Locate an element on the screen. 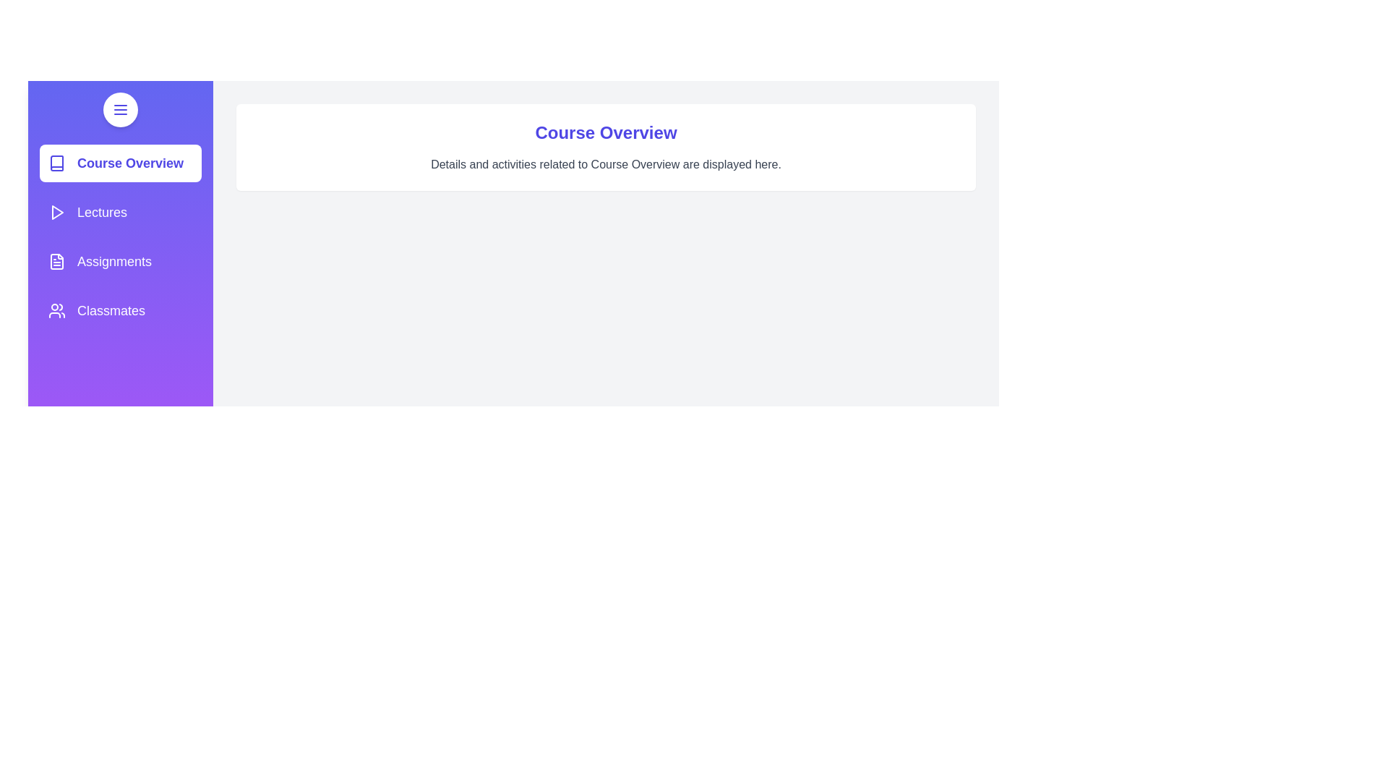 This screenshot has width=1388, height=781. the menu section labeled Classmates is located at coordinates (121, 310).